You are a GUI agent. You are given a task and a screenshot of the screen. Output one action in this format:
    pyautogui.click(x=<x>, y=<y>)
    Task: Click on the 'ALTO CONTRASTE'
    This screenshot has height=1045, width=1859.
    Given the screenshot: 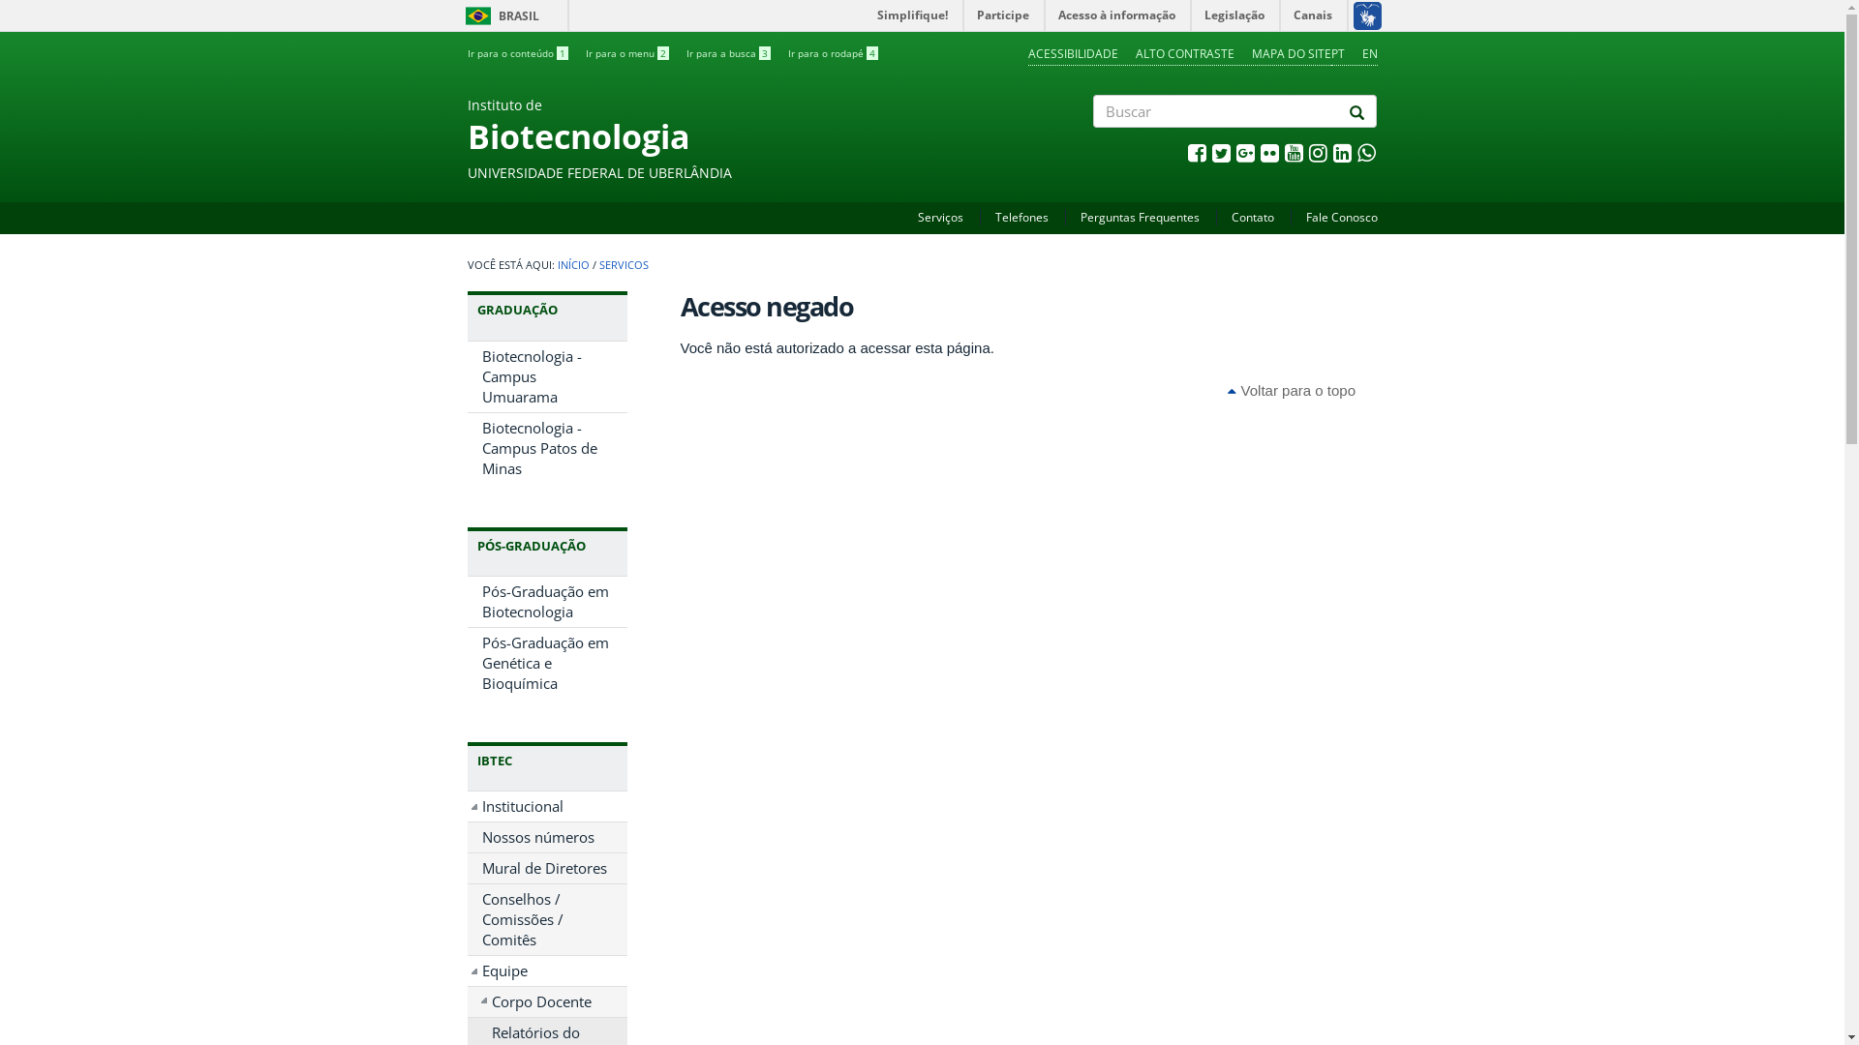 What is the action you would take?
    pyautogui.click(x=1183, y=52)
    